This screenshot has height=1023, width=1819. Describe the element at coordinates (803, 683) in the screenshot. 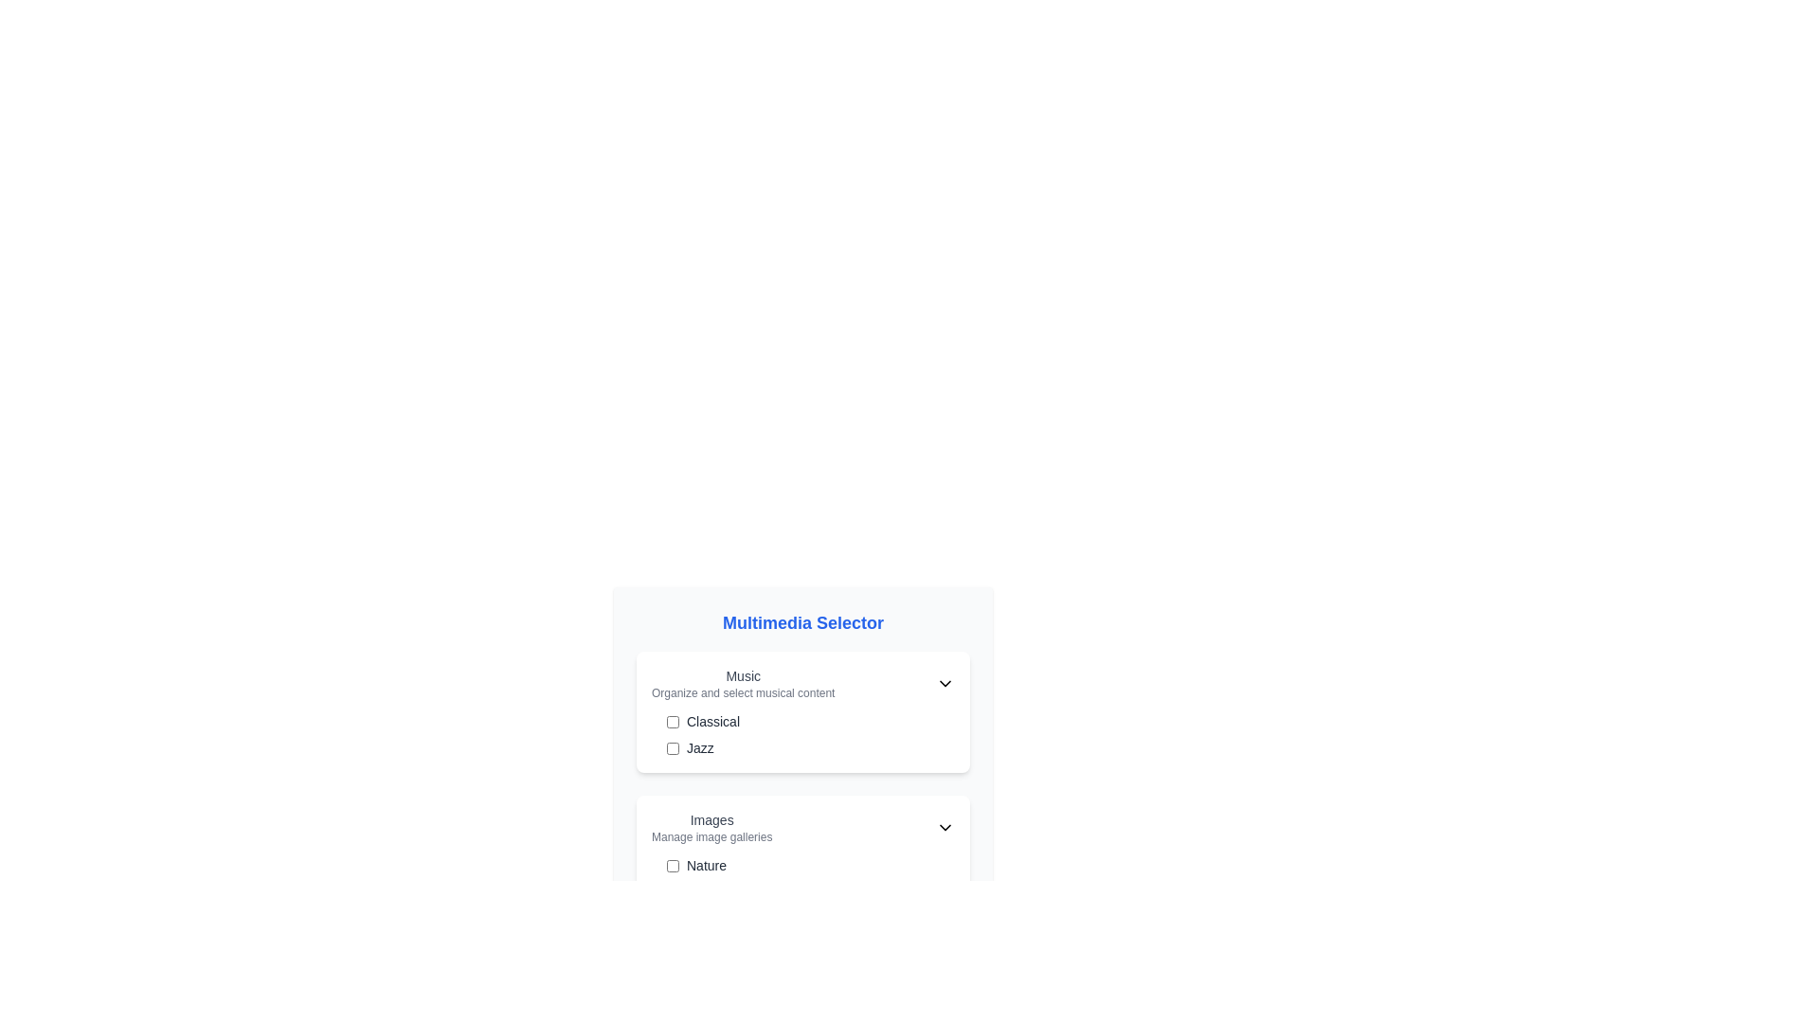

I see `the 'Music' dropdown selector` at that location.